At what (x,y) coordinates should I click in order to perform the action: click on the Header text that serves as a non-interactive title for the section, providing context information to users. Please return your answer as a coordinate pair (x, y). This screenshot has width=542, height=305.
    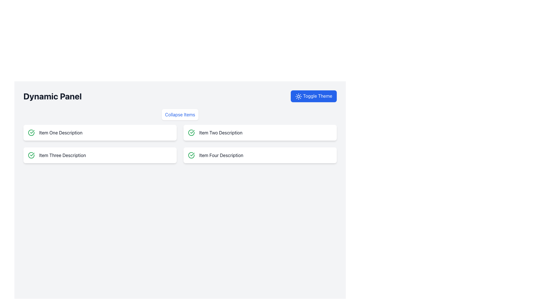
    Looking at the image, I should click on (53, 96).